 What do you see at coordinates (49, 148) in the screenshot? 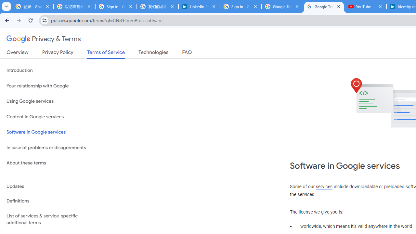
I see `'In case of problems or disagreements'` at bounding box center [49, 148].